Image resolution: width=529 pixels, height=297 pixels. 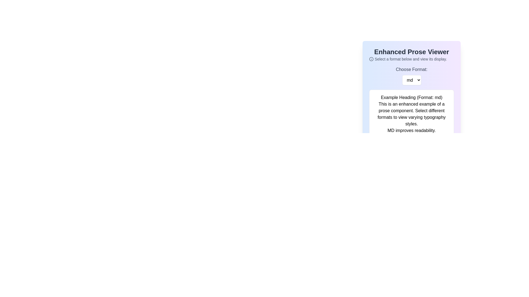 I want to click on the dropdown menu labeled 'md' located beneath 'Choose Format:' in the 'Enhanced Prose Viewer' section, so click(x=411, y=80).